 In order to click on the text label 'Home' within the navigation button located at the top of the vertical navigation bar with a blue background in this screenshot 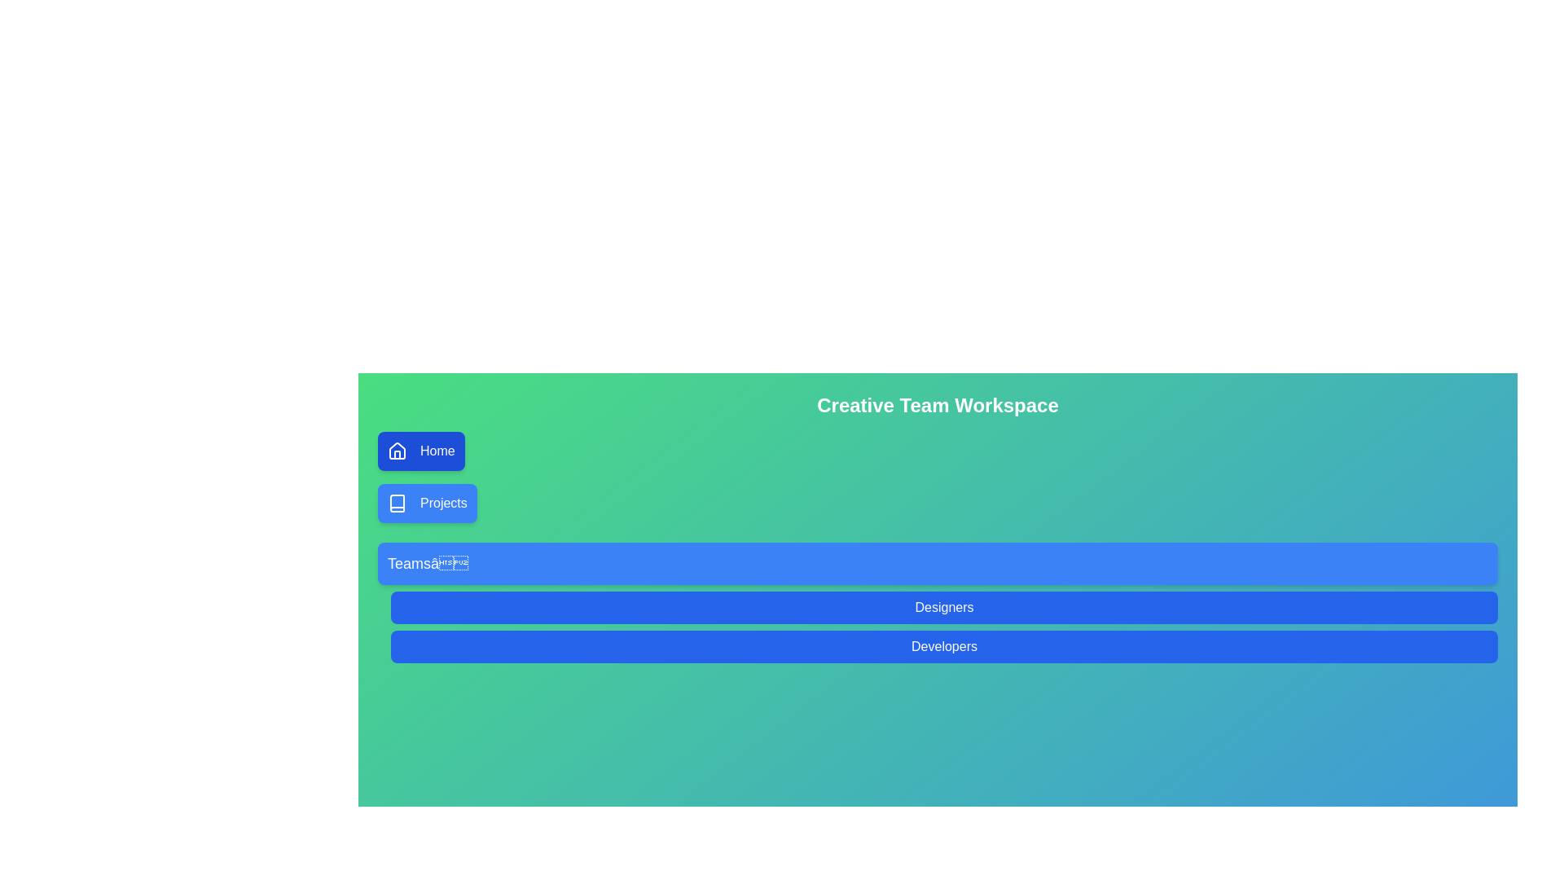, I will do `click(437, 451)`.